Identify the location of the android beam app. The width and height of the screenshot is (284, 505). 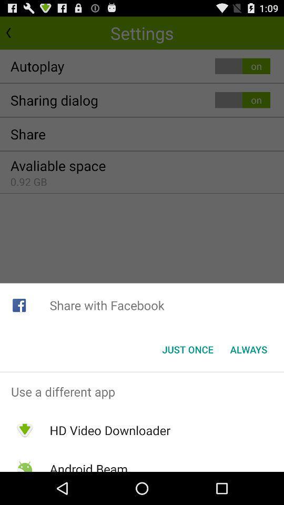
(88, 466).